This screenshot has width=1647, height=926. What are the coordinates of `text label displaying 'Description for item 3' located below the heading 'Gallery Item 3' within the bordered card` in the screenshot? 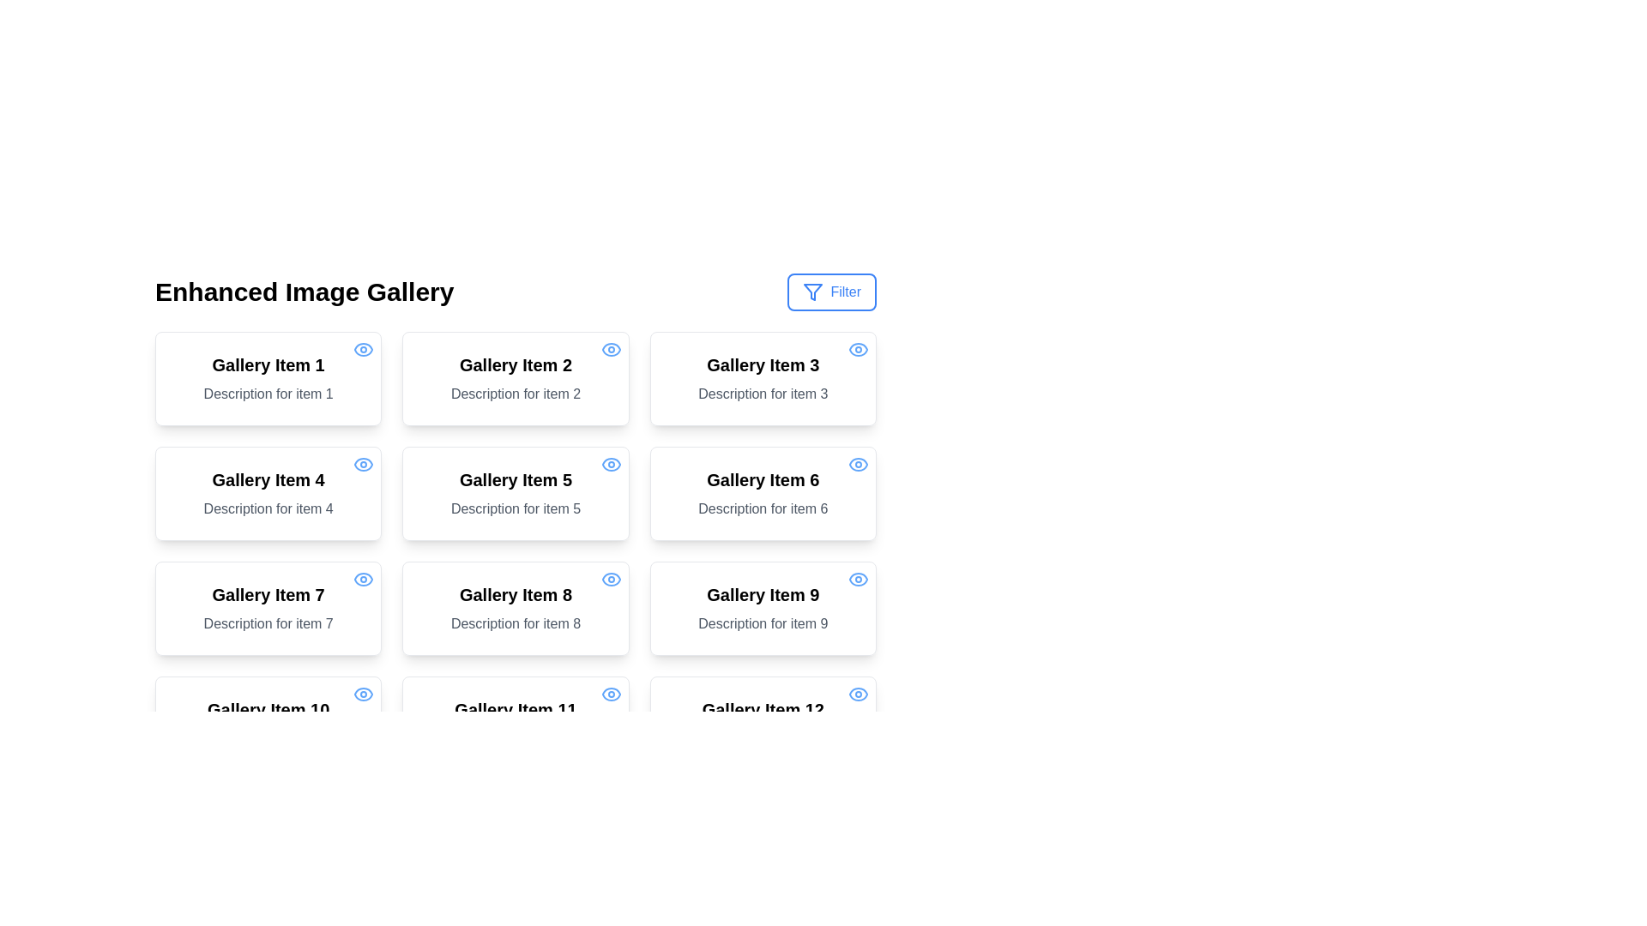 It's located at (762, 394).